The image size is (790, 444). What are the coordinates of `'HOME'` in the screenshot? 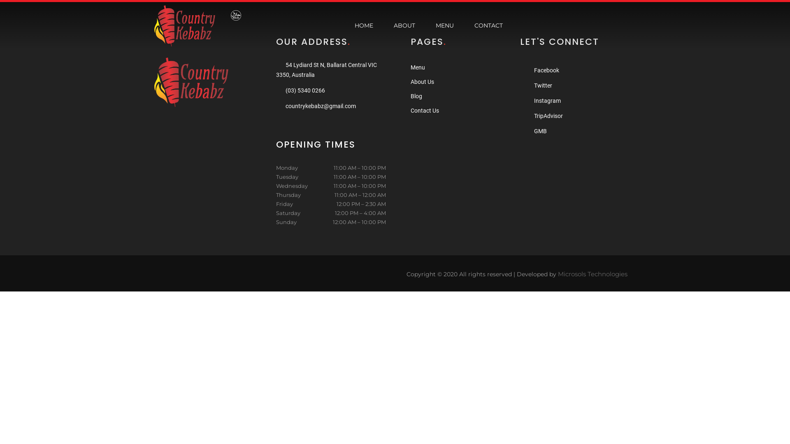 It's located at (363, 25).